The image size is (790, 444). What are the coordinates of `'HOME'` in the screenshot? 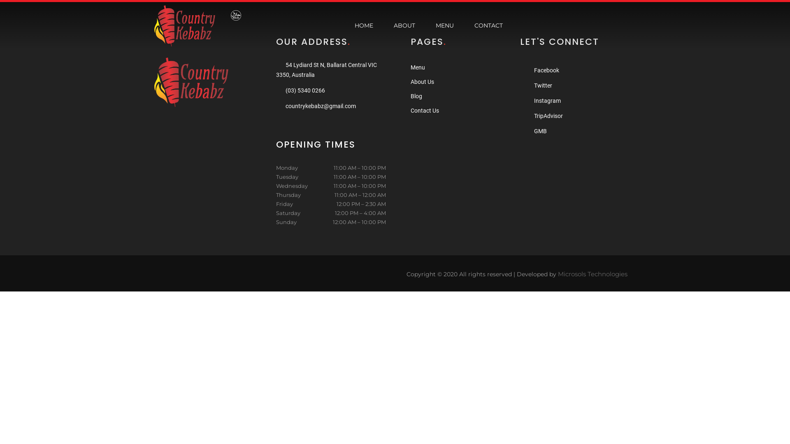 It's located at (363, 25).